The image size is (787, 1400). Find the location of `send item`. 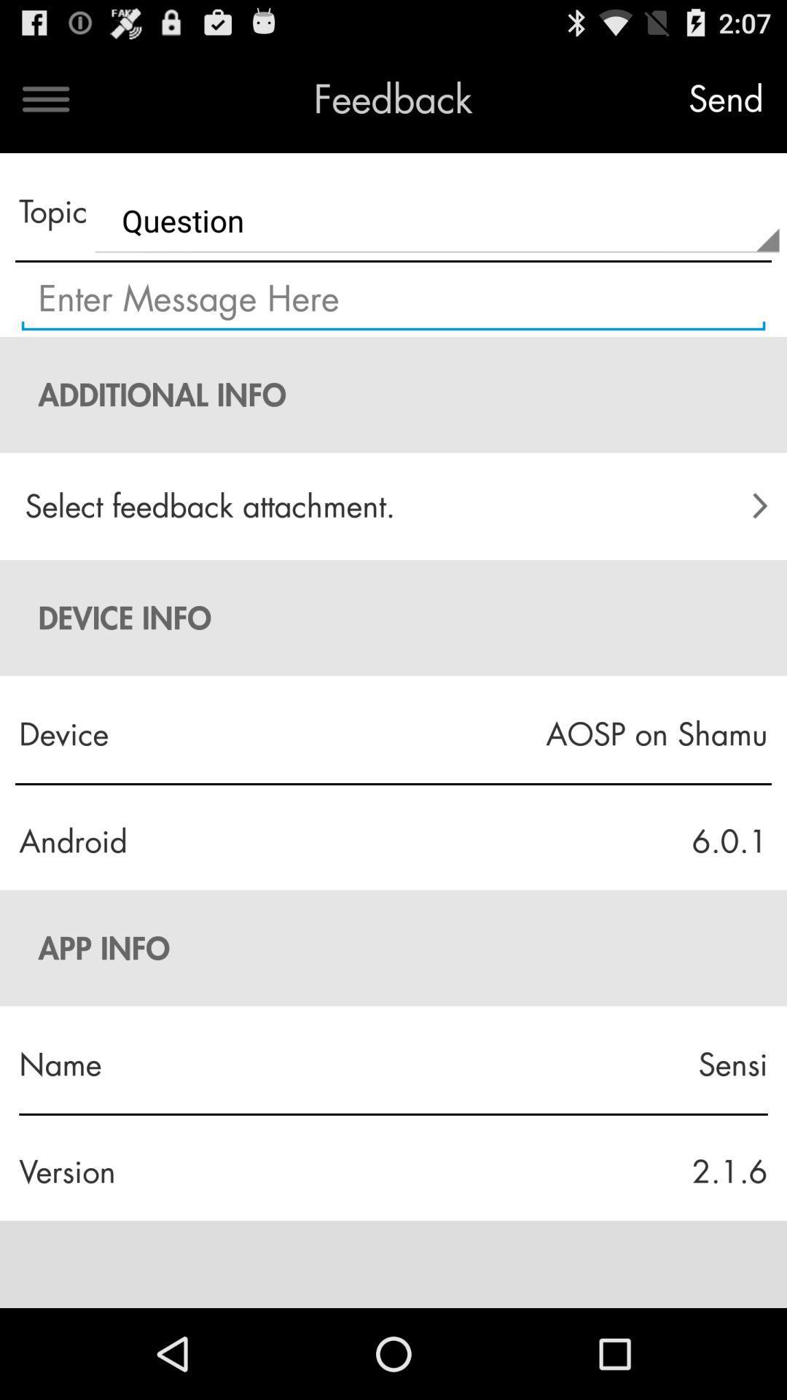

send item is located at coordinates (725, 98).